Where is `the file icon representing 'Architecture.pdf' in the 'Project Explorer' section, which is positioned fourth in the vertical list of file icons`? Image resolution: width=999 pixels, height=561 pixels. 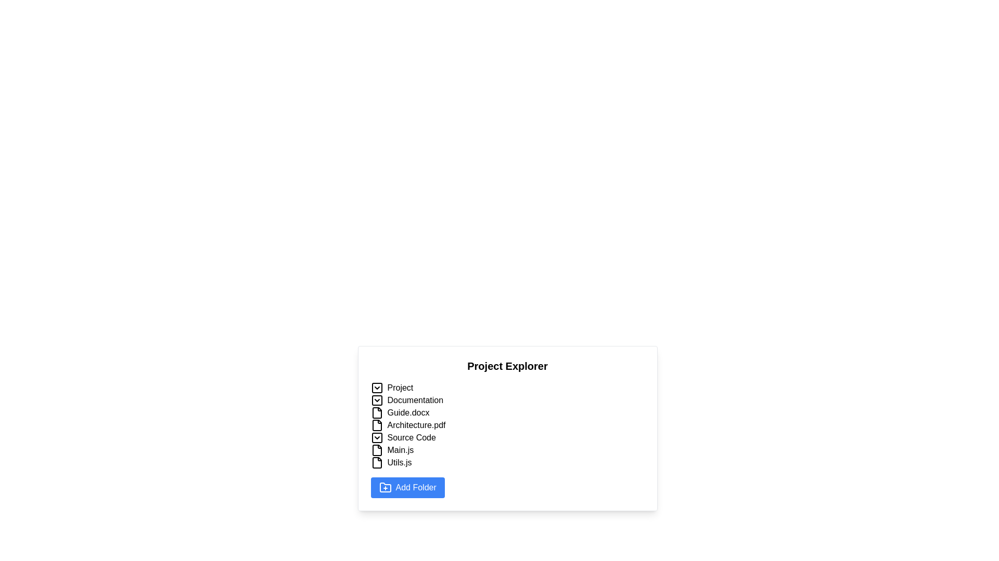 the file icon representing 'Architecture.pdf' in the 'Project Explorer' section, which is positioned fourth in the vertical list of file icons is located at coordinates (376, 425).